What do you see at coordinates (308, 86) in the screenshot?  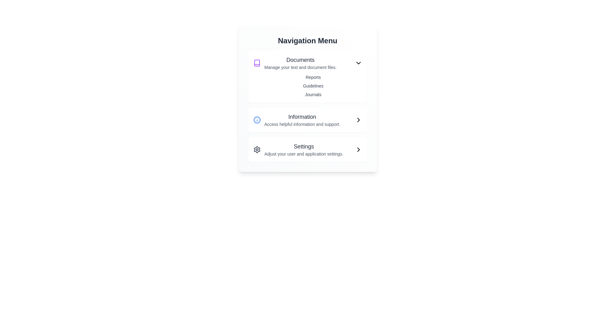 I see `the navigation list items under the 'Documents' section, which includes 'Reports', 'Guidelines', and 'Journals'` at bounding box center [308, 86].